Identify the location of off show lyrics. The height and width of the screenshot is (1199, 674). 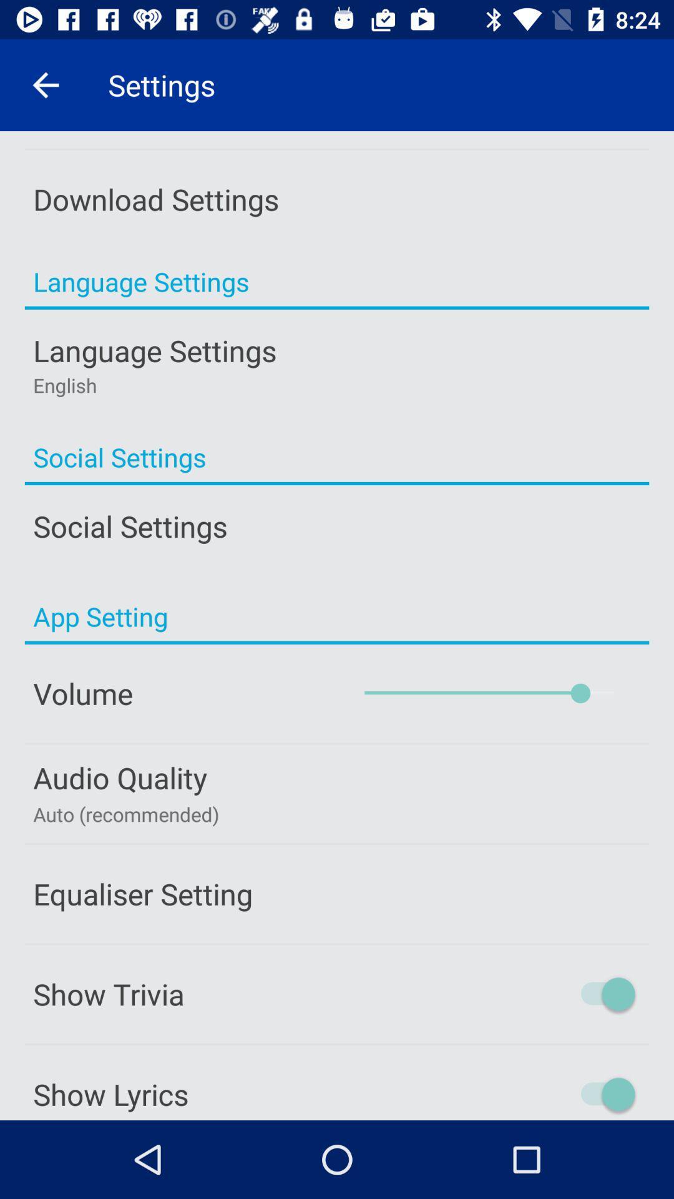
(554, 1093).